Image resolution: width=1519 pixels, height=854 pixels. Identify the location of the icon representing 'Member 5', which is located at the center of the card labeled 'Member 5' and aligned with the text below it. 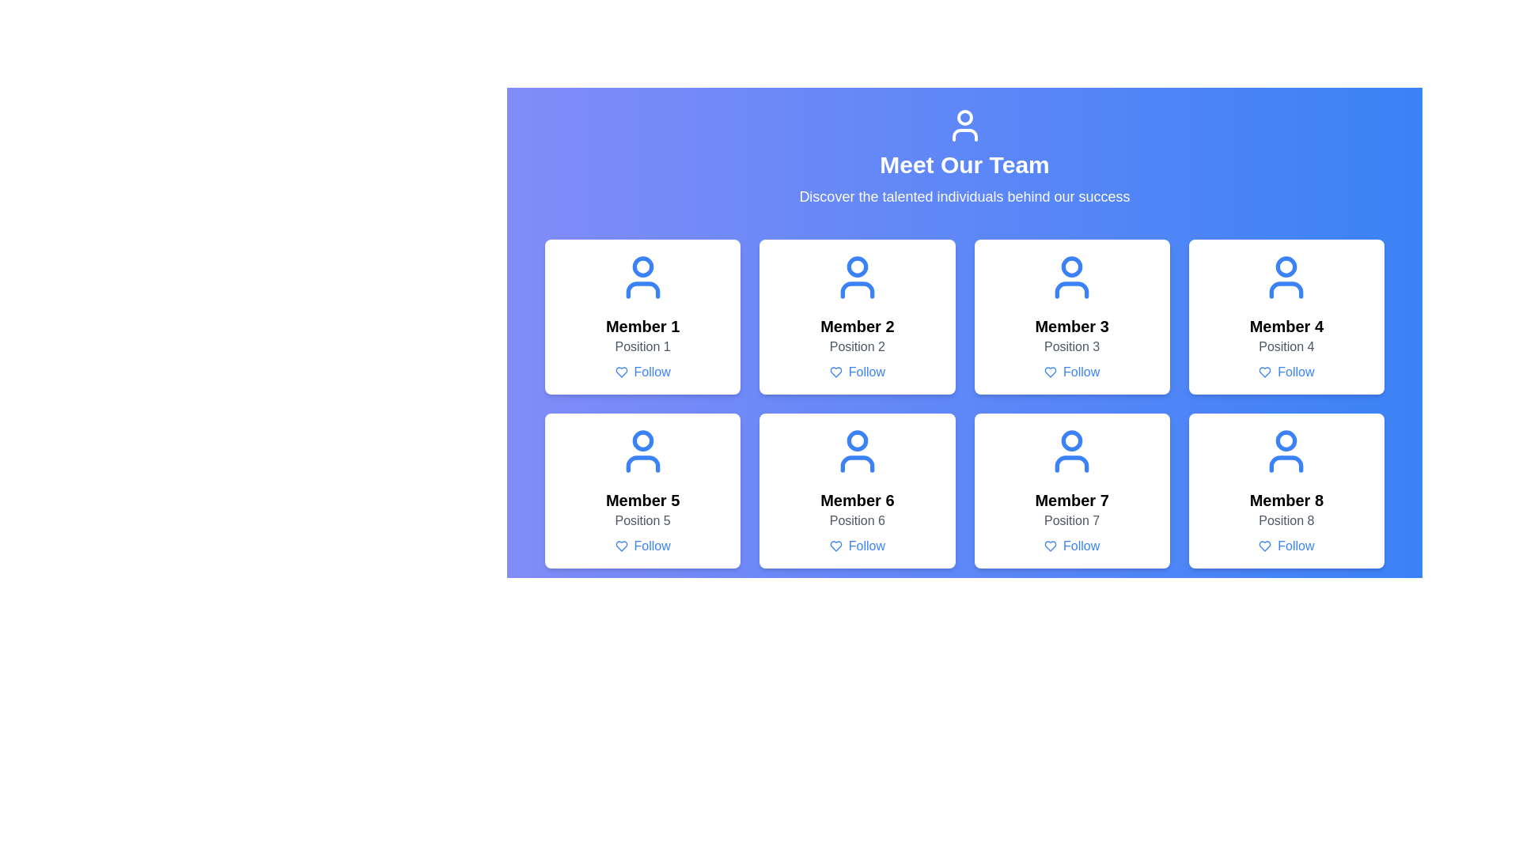
(642, 451).